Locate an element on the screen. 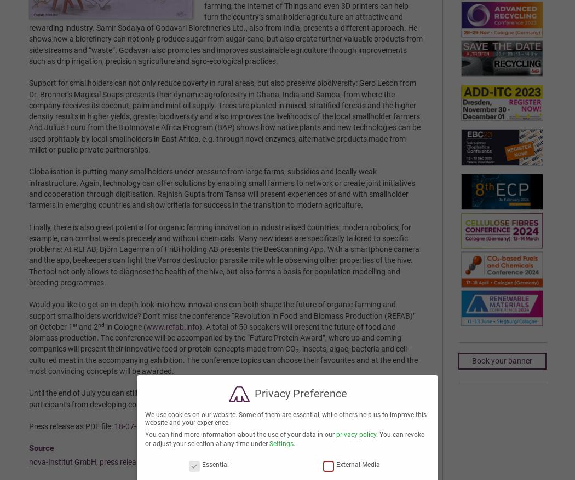 The width and height of the screenshot is (575, 480). 'nd' is located at coordinates (100, 324).